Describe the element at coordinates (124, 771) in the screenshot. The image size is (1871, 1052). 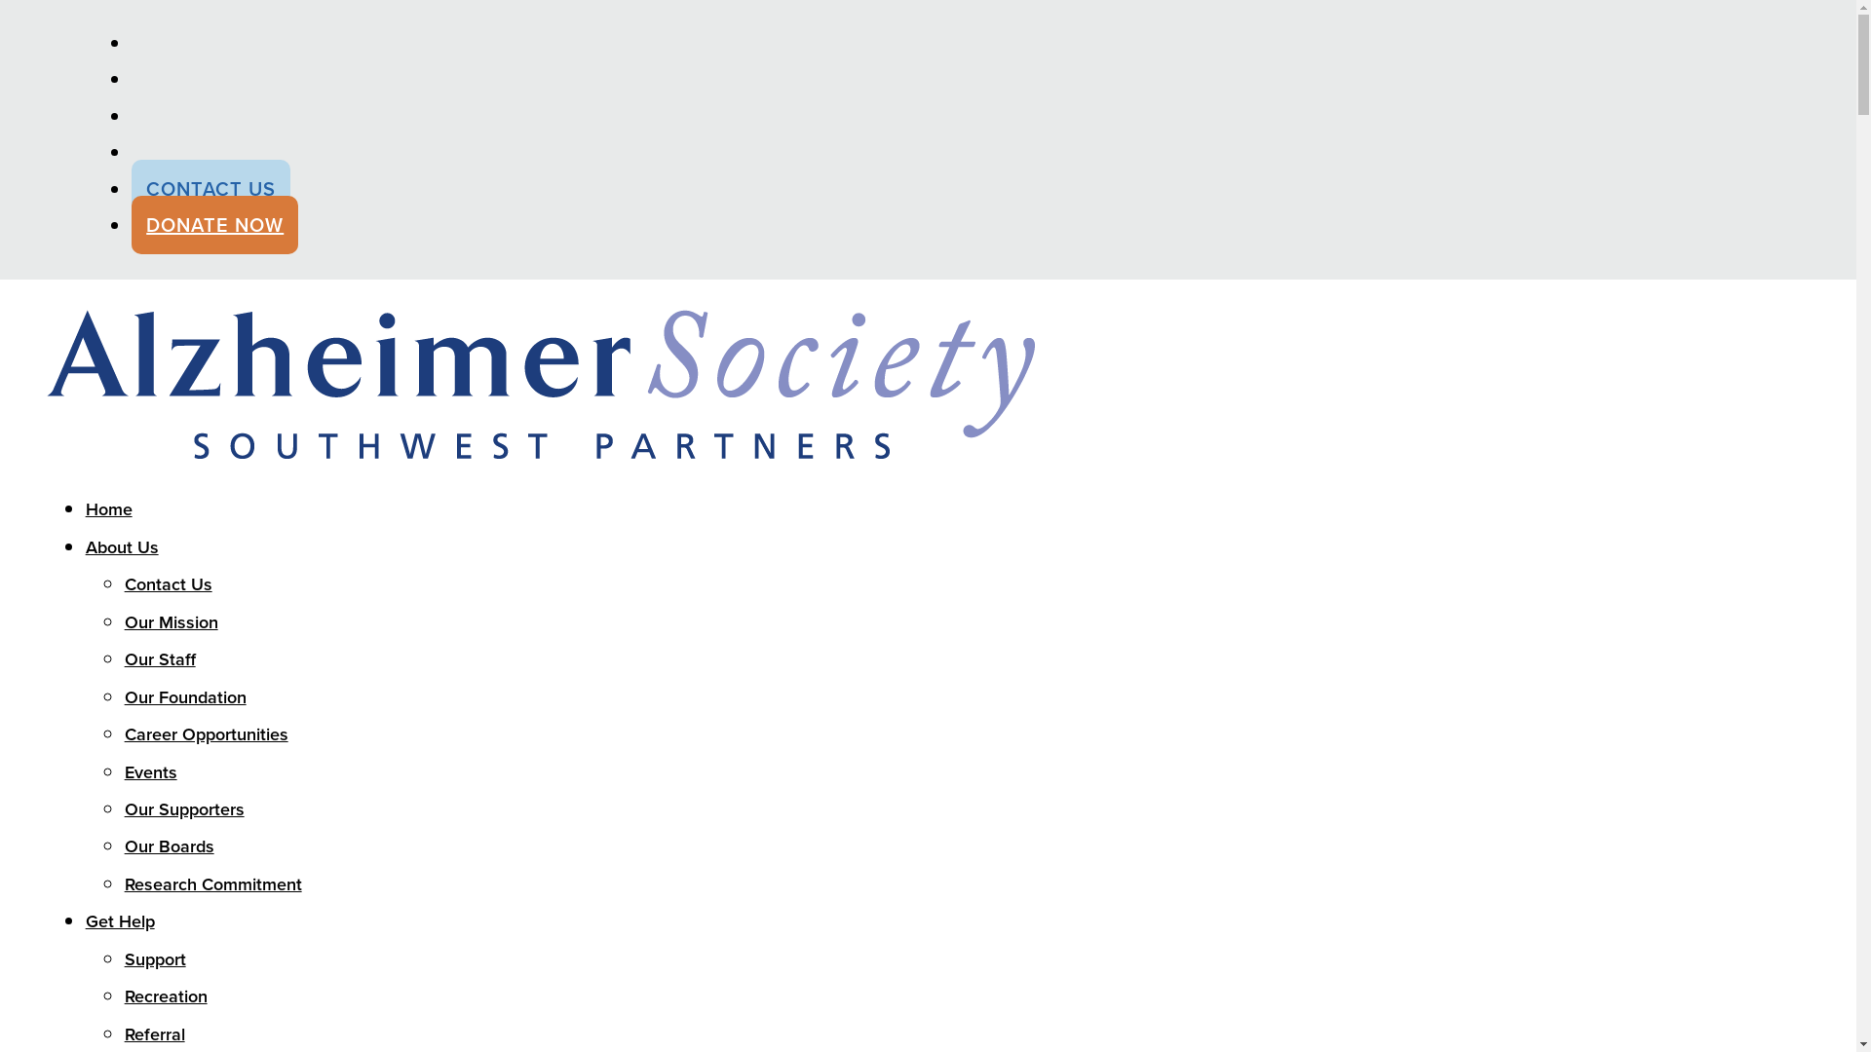
I see `'Events'` at that location.